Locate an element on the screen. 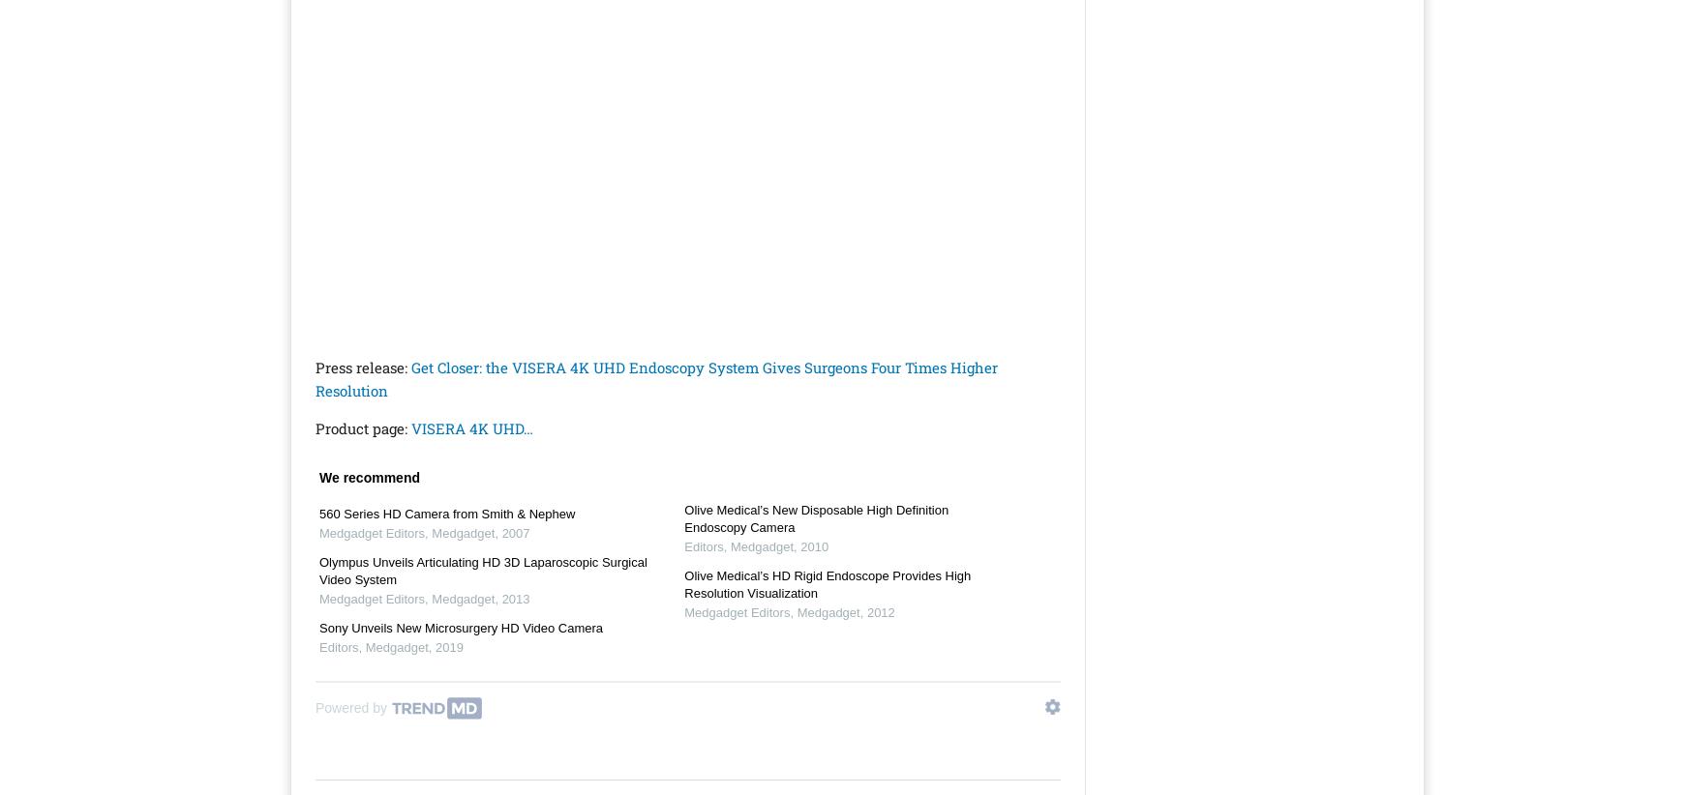 Image resolution: width=1686 pixels, height=795 pixels. 'Powered by' is located at coordinates (349, 707).